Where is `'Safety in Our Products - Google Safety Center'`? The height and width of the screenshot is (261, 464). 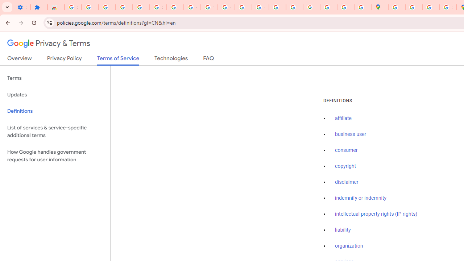 'Safety in Our Products - Google Safety Center' is located at coordinates (447, 7).